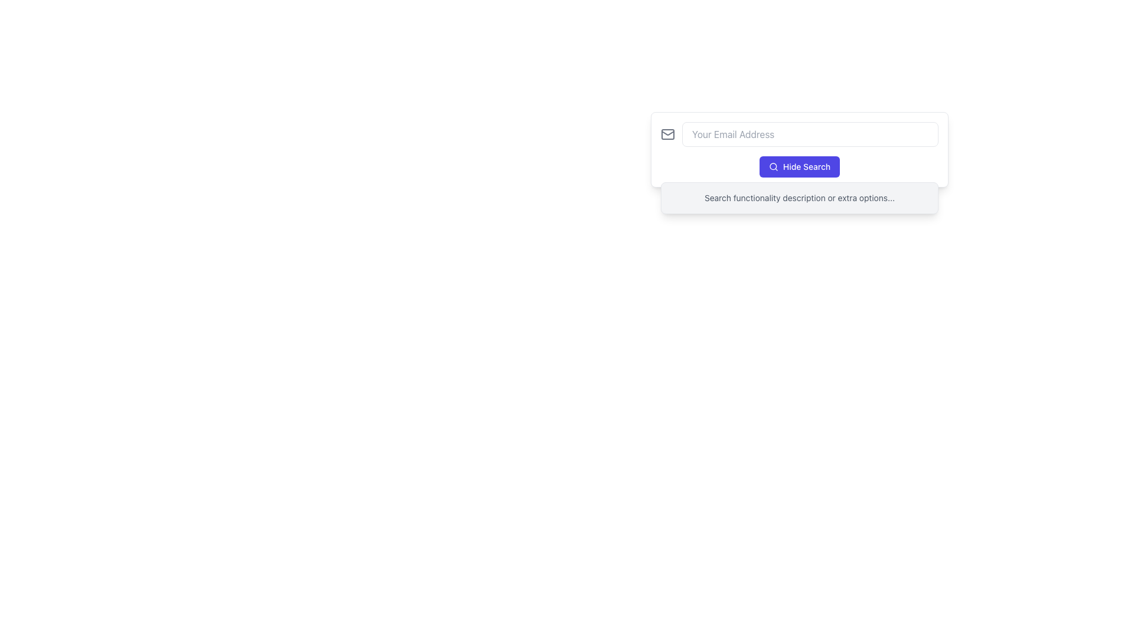  What do you see at coordinates (799, 133) in the screenshot?
I see `the email input field labeled 'Your Email Address'` at bounding box center [799, 133].